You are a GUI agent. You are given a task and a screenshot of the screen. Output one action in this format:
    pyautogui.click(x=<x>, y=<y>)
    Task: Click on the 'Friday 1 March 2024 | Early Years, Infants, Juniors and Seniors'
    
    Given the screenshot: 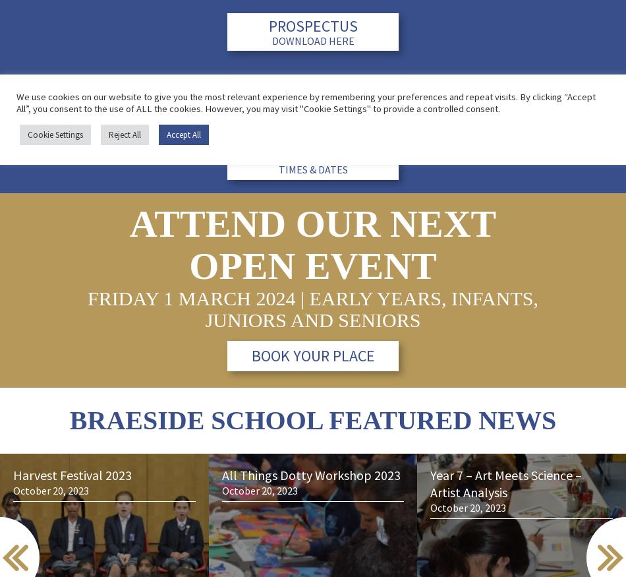 What is the action you would take?
    pyautogui.click(x=88, y=309)
    